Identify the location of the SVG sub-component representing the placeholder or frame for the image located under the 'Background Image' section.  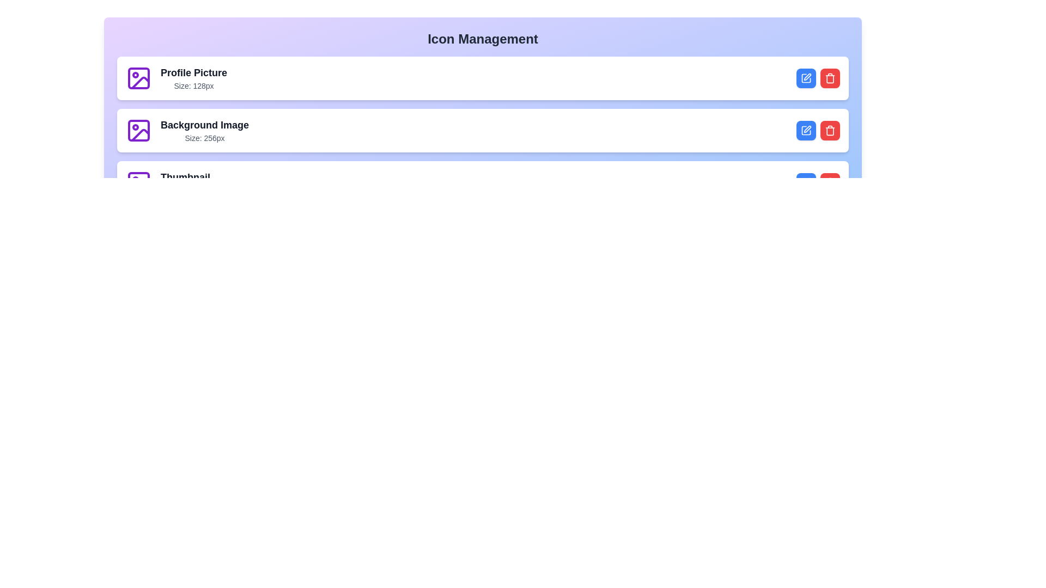
(138, 130).